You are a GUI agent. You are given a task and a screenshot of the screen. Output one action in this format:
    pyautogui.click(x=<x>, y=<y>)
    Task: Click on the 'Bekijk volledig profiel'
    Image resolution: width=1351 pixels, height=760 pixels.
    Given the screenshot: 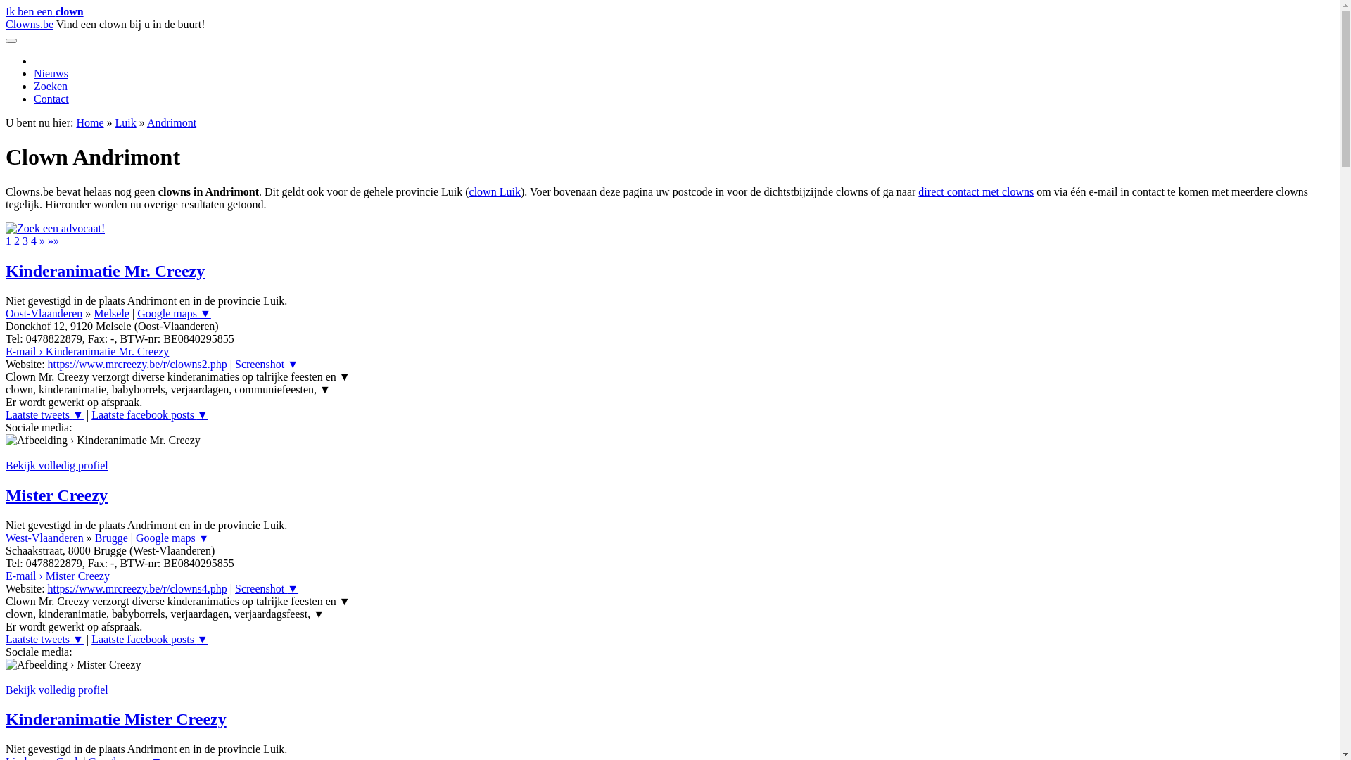 What is the action you would take?
    pyautogui.click(x=56, y=689)
    